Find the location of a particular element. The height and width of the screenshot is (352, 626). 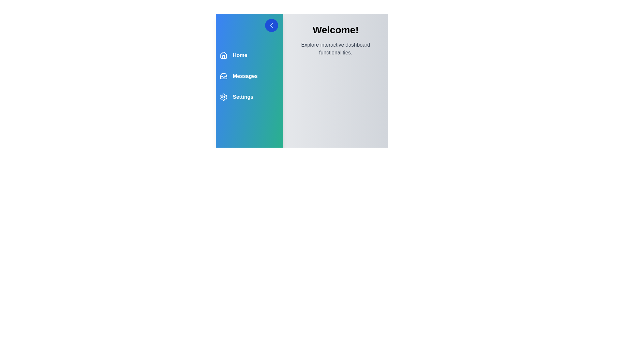

the inbox icon located in the sidebar menu next to the 'Messages' label is located at coordinates (224, 76).